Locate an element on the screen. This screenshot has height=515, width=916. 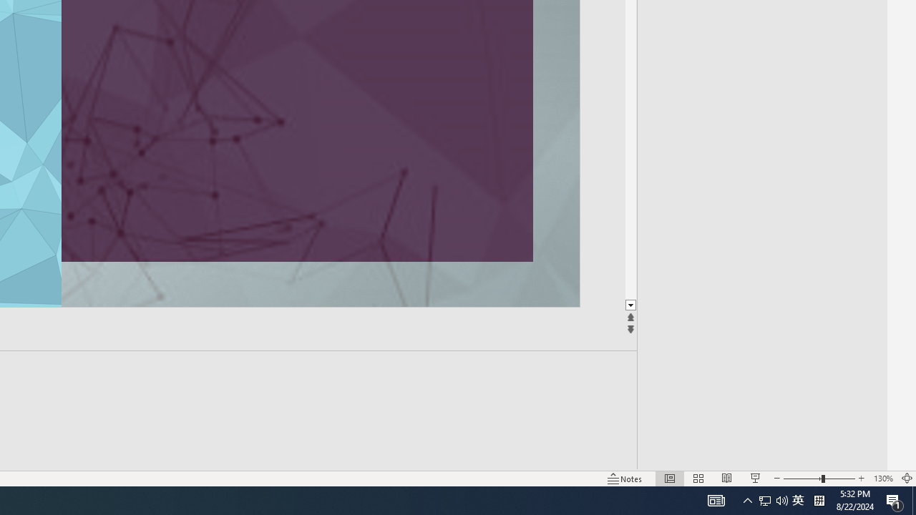
'Notes ' is located at coordinates (625, 479).